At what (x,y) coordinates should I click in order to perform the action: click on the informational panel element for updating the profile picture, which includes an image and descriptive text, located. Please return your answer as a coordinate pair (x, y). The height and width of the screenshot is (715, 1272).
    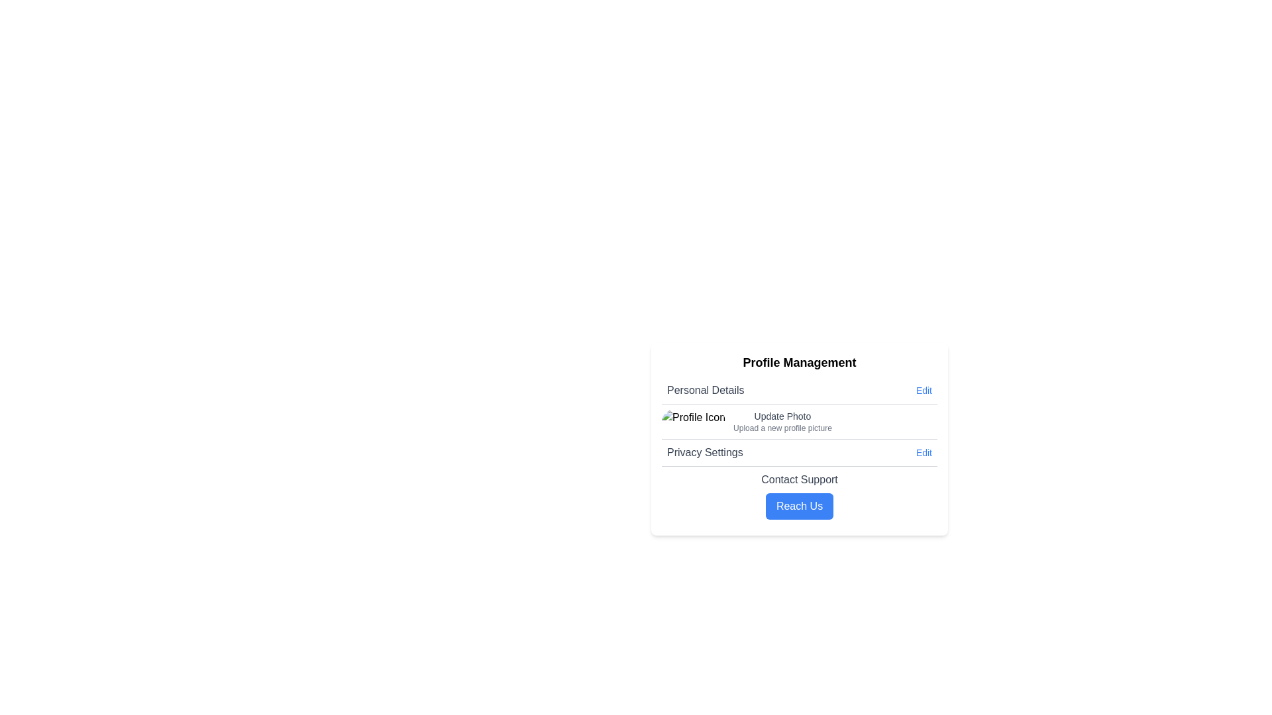
    Looking at the image, I should click on (798, 422).